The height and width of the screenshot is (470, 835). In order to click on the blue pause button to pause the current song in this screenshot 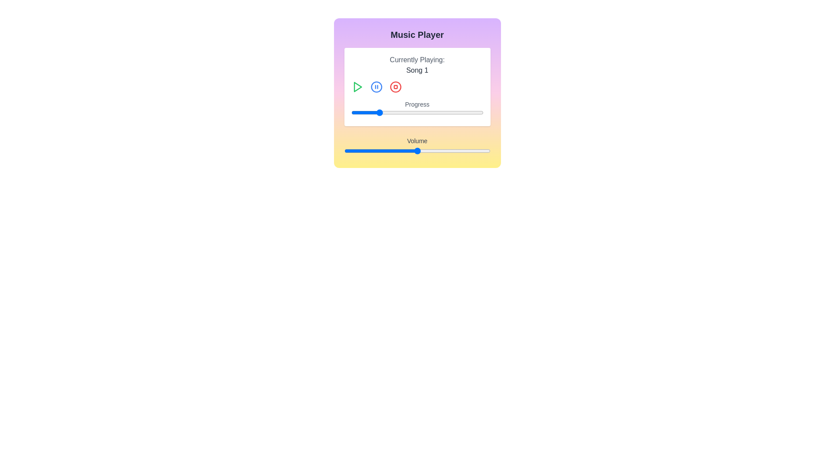, I will do `click(376, 87)`.